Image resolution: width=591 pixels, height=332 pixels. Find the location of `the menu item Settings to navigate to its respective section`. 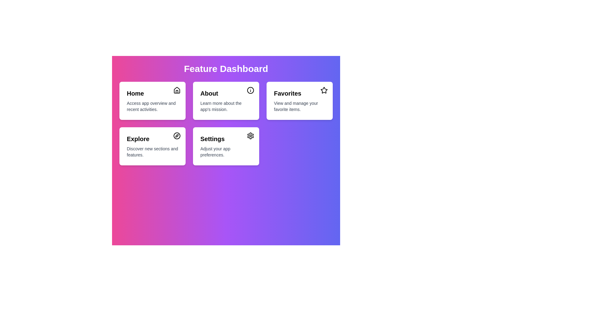

the menu item Settings to navigate to its respective section is located at coordinates (226, 146).